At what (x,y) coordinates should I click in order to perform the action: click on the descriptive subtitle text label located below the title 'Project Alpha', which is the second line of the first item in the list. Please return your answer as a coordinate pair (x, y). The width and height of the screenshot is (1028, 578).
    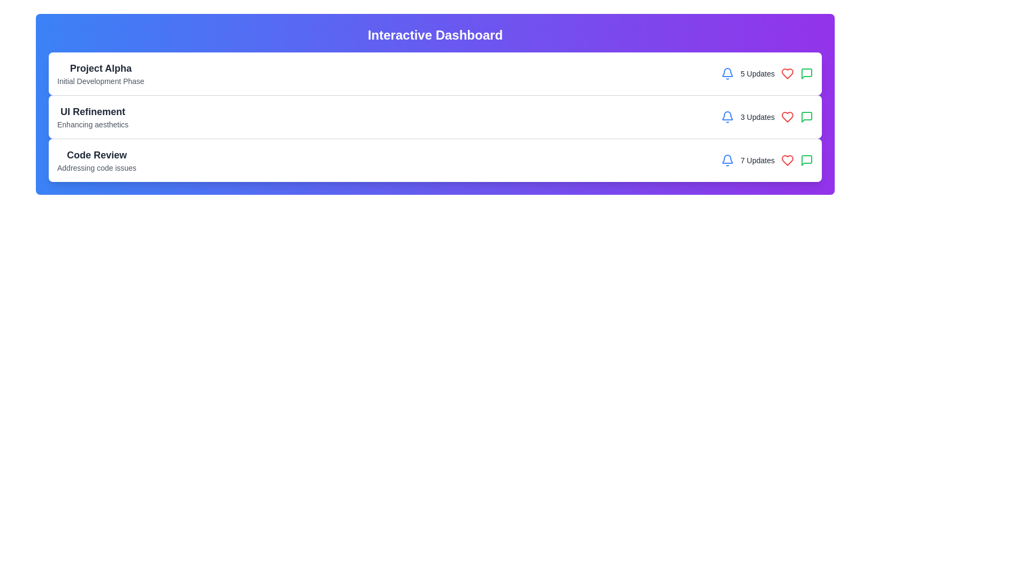
    Looking at the image, I should click on (101, 80).